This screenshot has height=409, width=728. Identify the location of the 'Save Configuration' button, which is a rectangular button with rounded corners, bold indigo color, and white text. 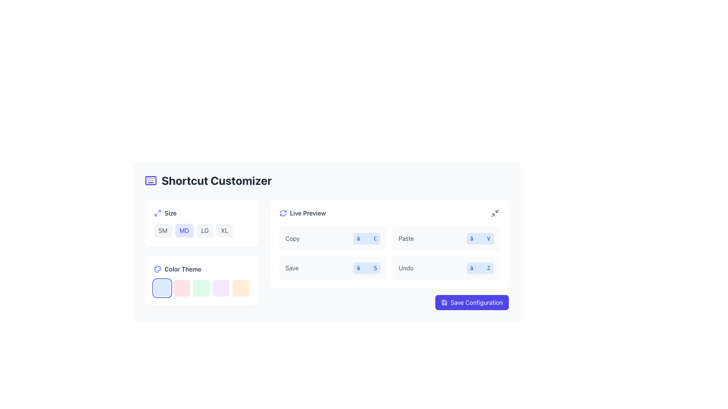
(472, 302).